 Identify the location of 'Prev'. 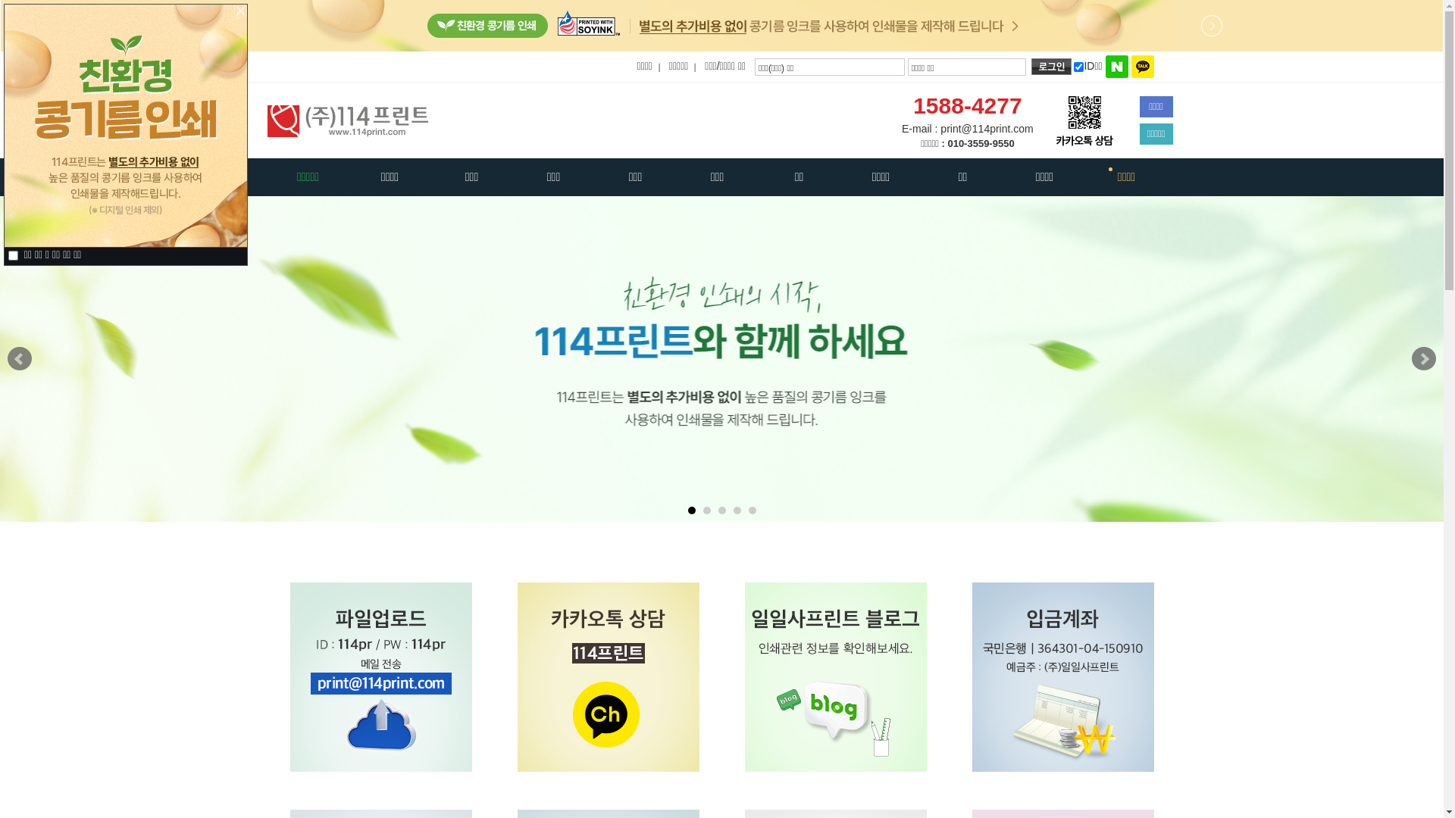
(19, 359).